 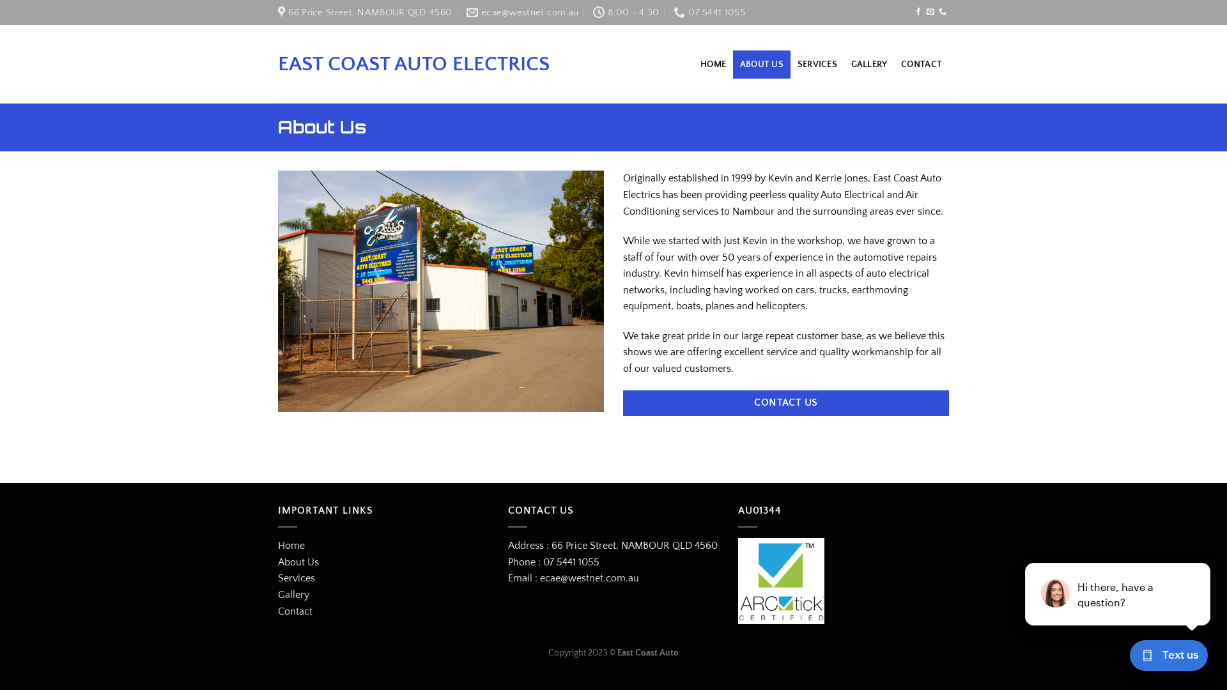 I want to click on 'About Us', so click(x=277, y=562).